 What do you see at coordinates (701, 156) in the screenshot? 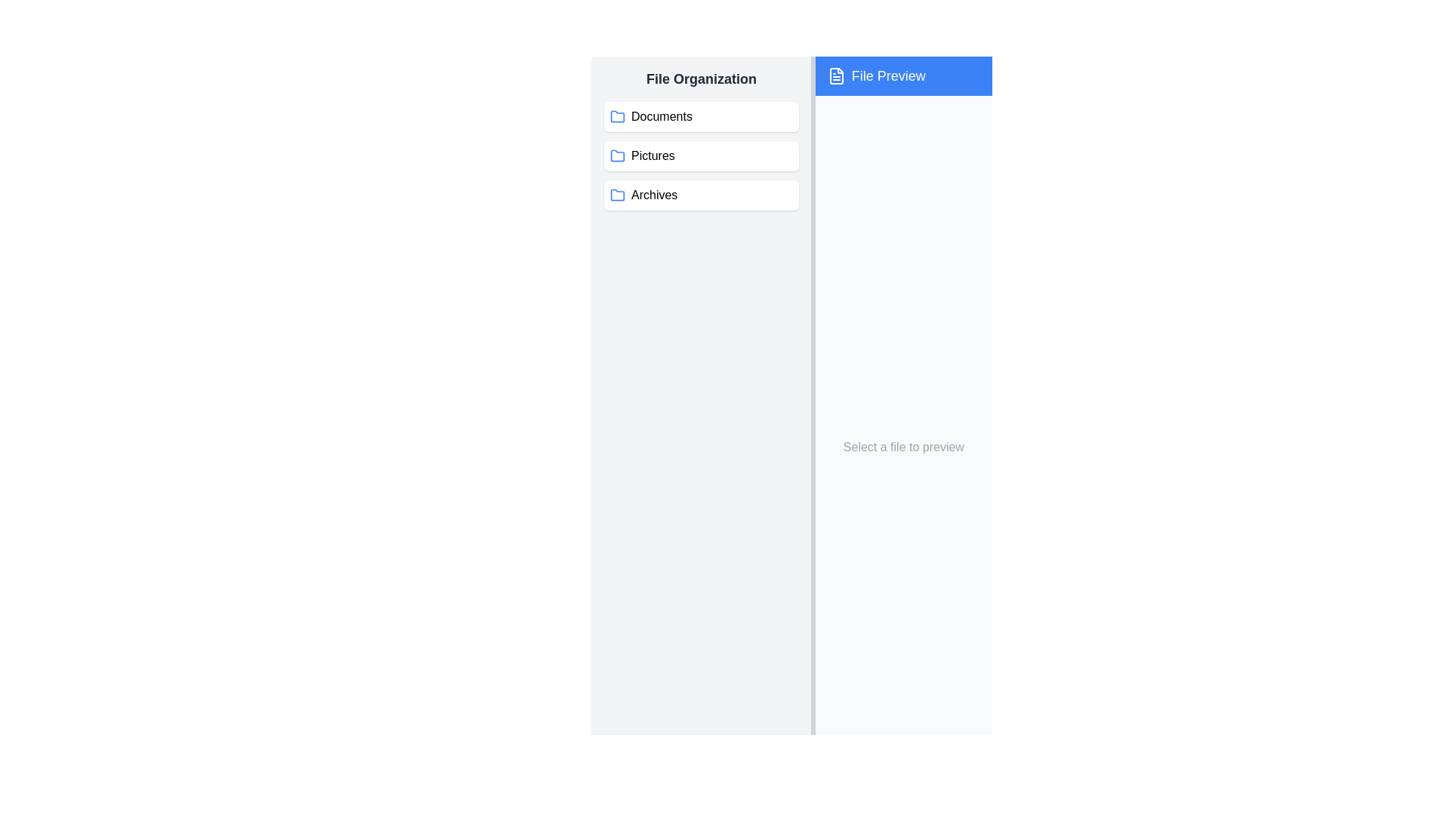
I see `the navigational button labeled 'Pictures' located within the 'File Organization' section` at bounding box center [701, 156].